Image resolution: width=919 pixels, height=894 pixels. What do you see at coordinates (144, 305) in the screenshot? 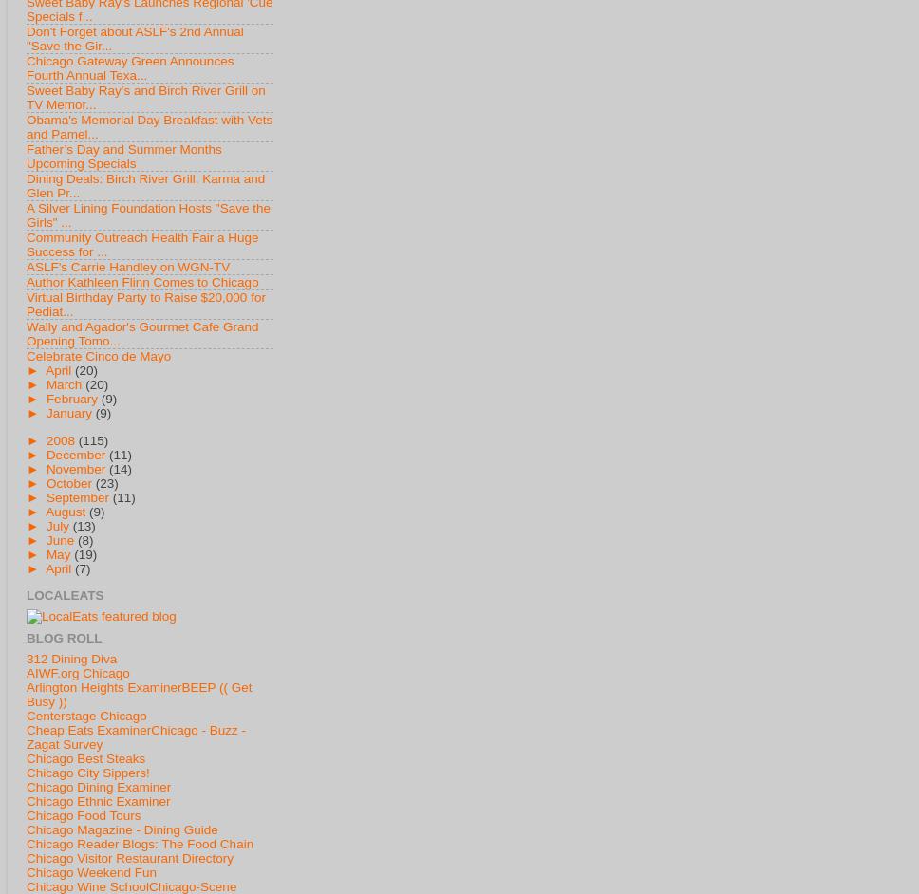
I see `'Virtual Birthday Party to Raise $20,000 for Pediat...'` at bounding box center [144, 305].